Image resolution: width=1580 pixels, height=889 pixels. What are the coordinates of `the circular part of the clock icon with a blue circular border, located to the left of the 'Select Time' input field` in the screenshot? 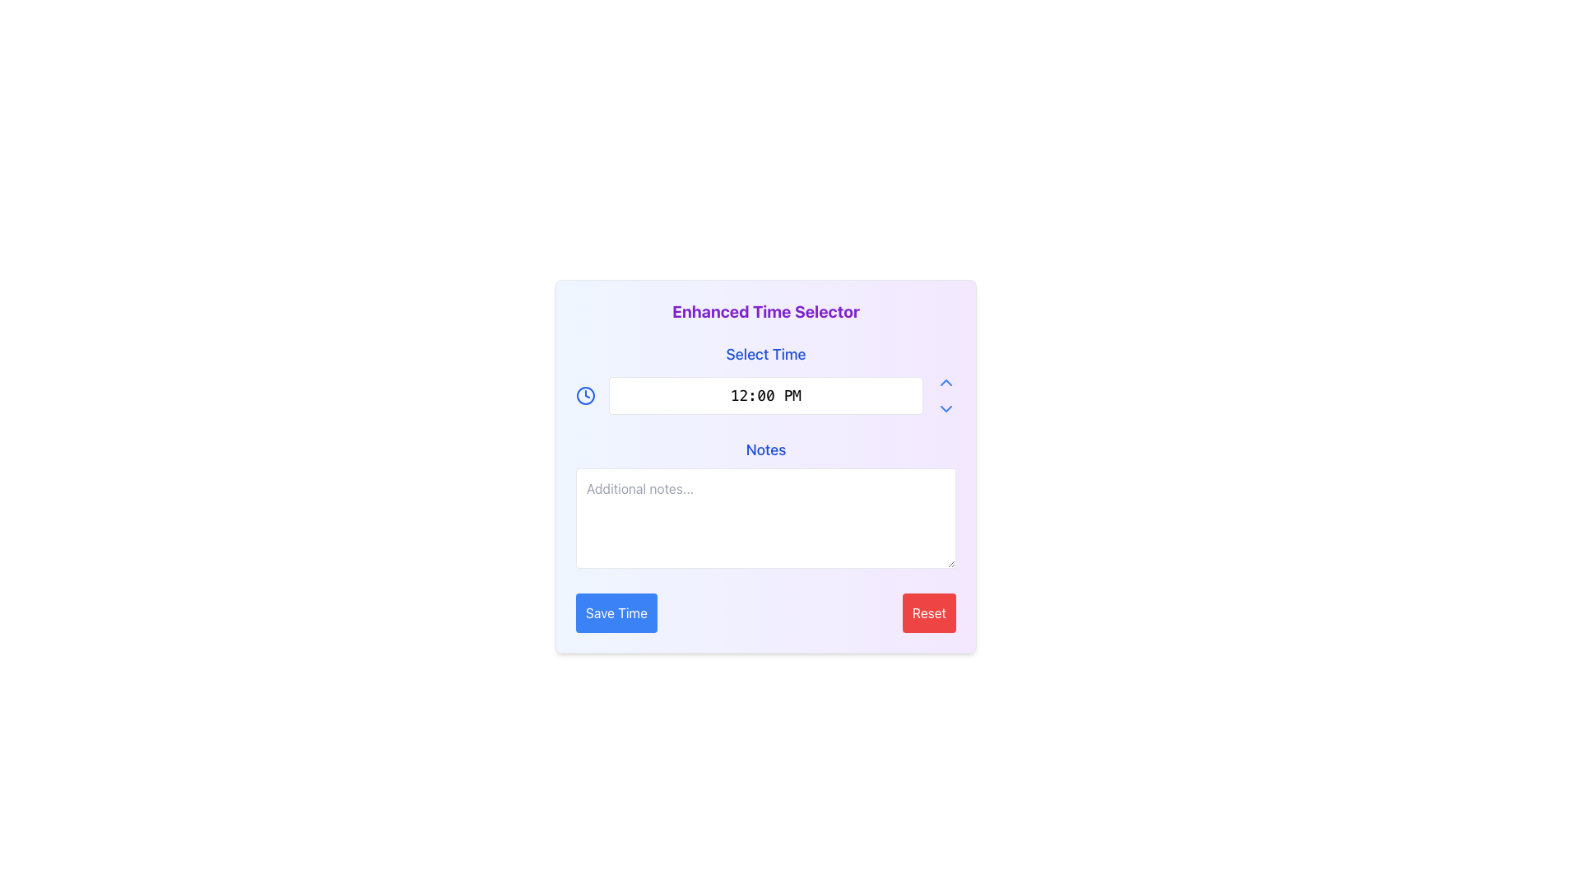 It's located at (585, 396).